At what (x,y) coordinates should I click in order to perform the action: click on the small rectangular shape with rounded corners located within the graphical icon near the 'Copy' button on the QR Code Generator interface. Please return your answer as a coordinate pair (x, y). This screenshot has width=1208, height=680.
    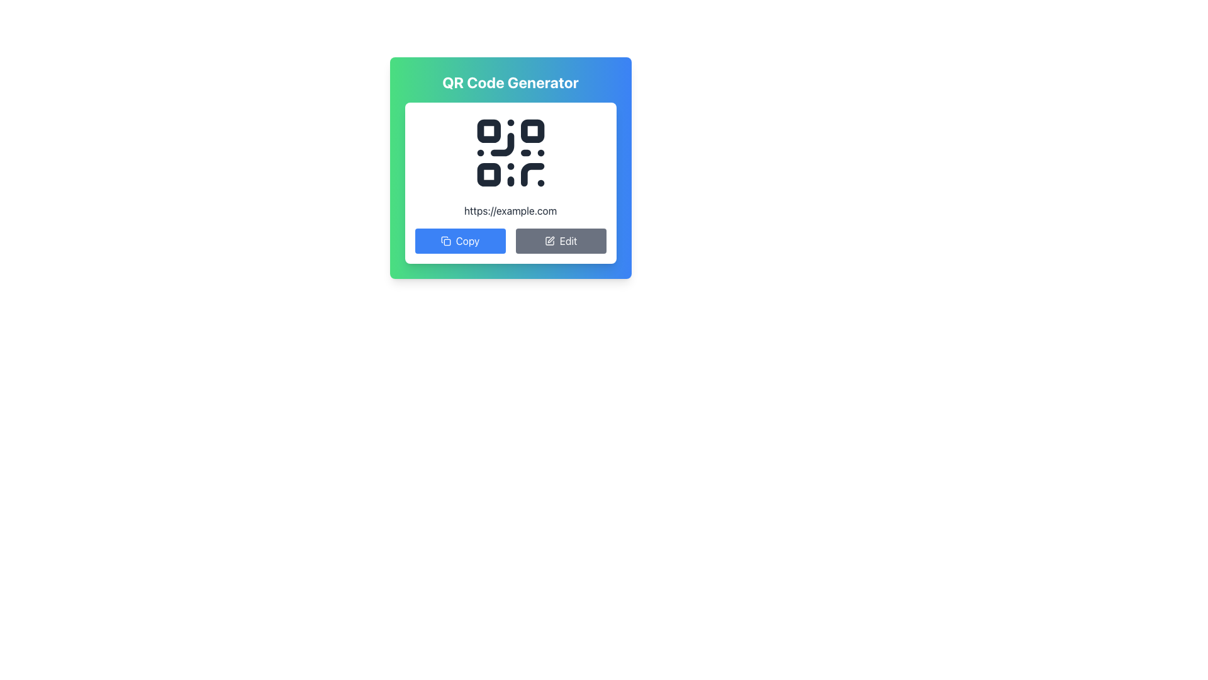
    Looking at the image, I should click on (447, 242).